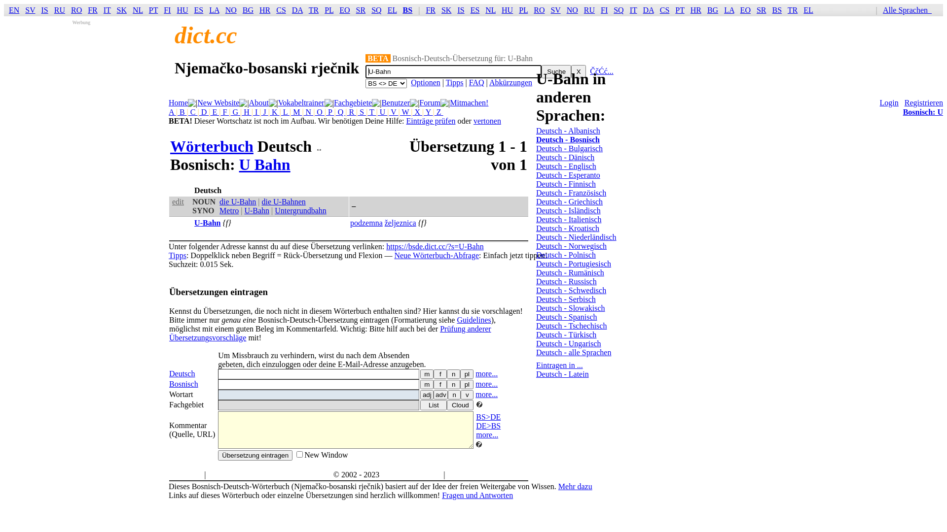 Image resolution: width=947 pixels, height=532 pixels. What do you see at coordinates (295, 111) in the screenshot?
I see `'M'` at bounding box center [295, 111].